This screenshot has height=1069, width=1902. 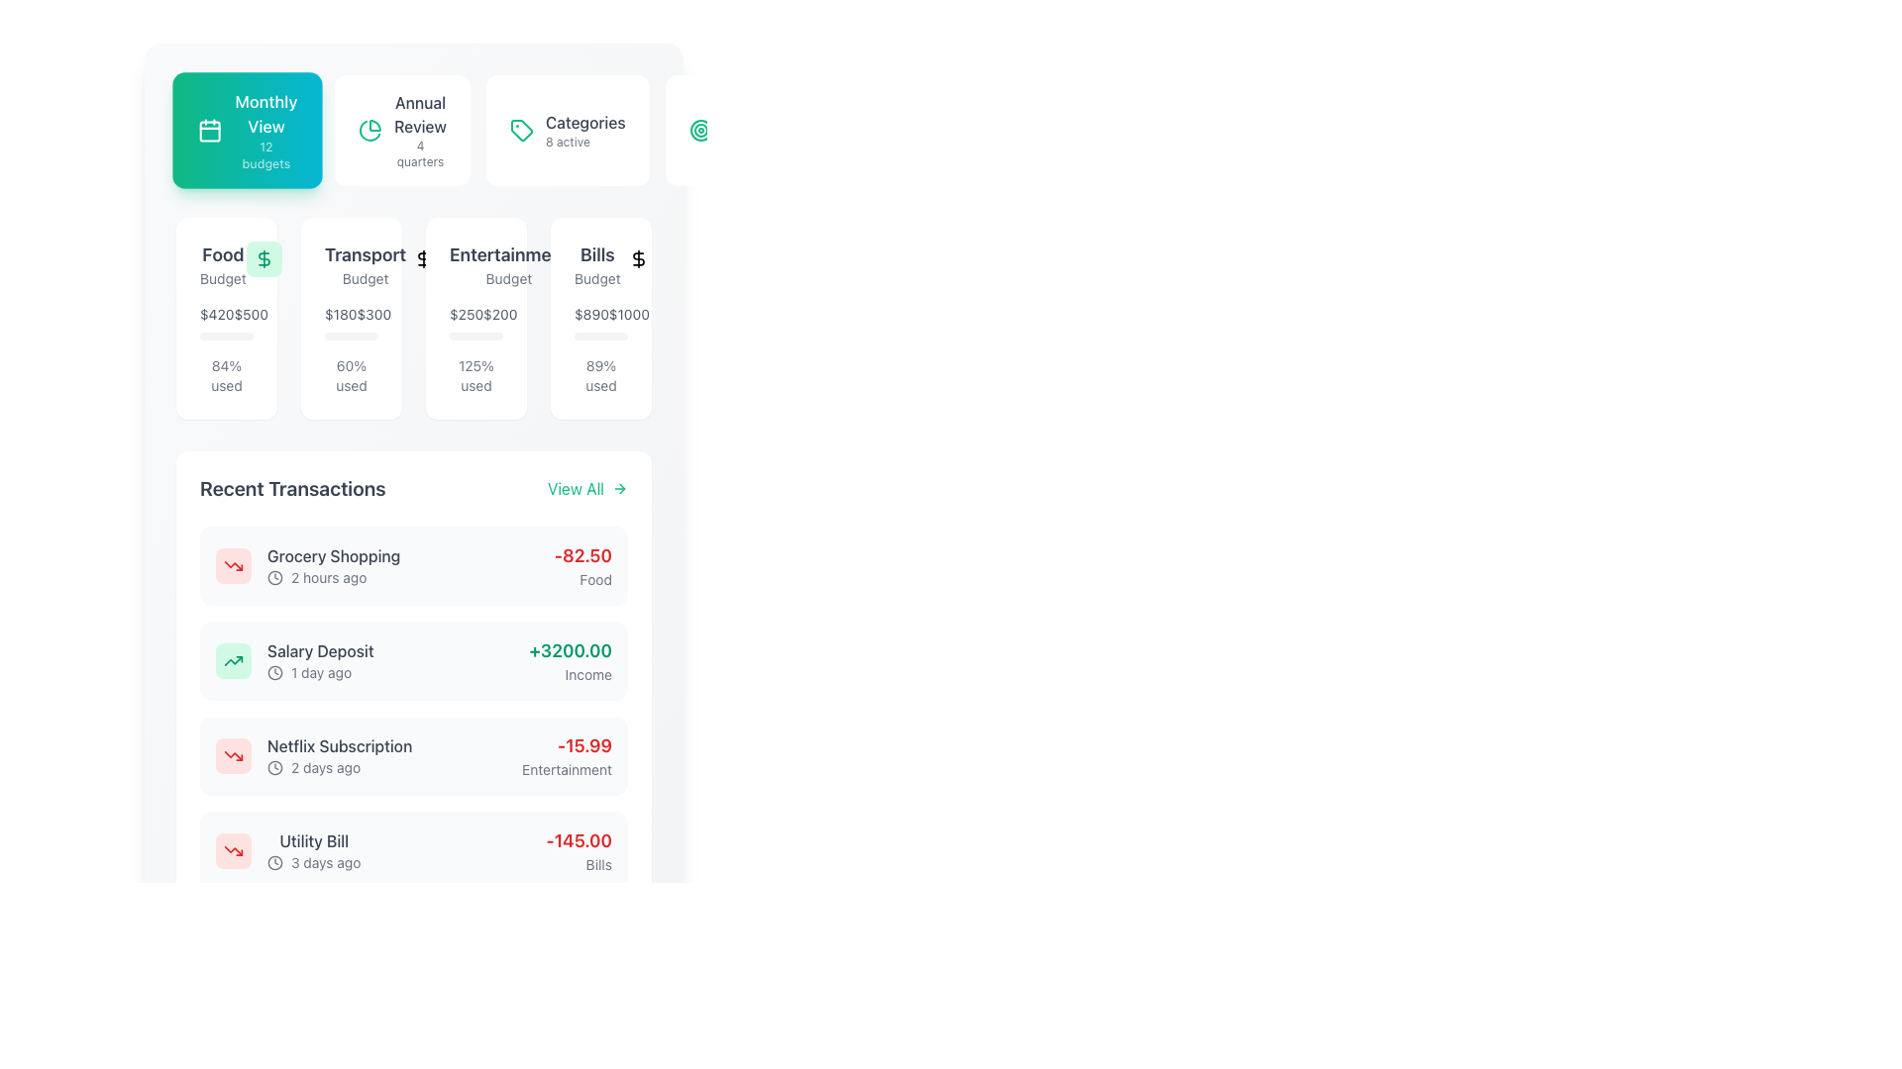 What do you see at coordinates (291, 488) in the screenshot?
I see `the Text Label that indicates recent financial transactions, located in the top-left portion of the section header, adjacent to 'View All'` at bounding box center [291, 488].